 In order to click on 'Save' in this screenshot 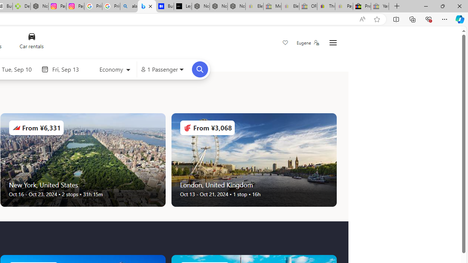, I will do `click(285, 43)`.